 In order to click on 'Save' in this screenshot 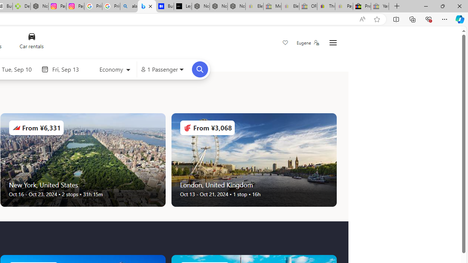, I will do `click(285, 43)`.